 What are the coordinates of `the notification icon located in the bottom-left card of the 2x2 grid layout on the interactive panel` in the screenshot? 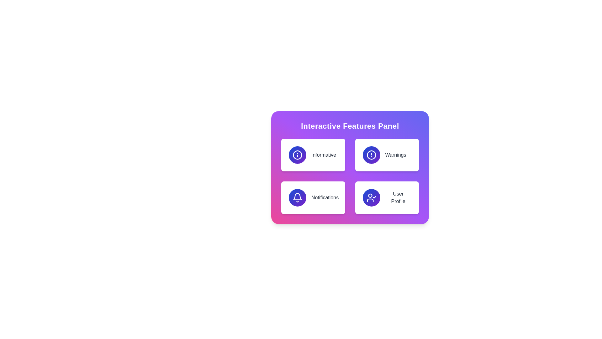 It's located at (297, 197).